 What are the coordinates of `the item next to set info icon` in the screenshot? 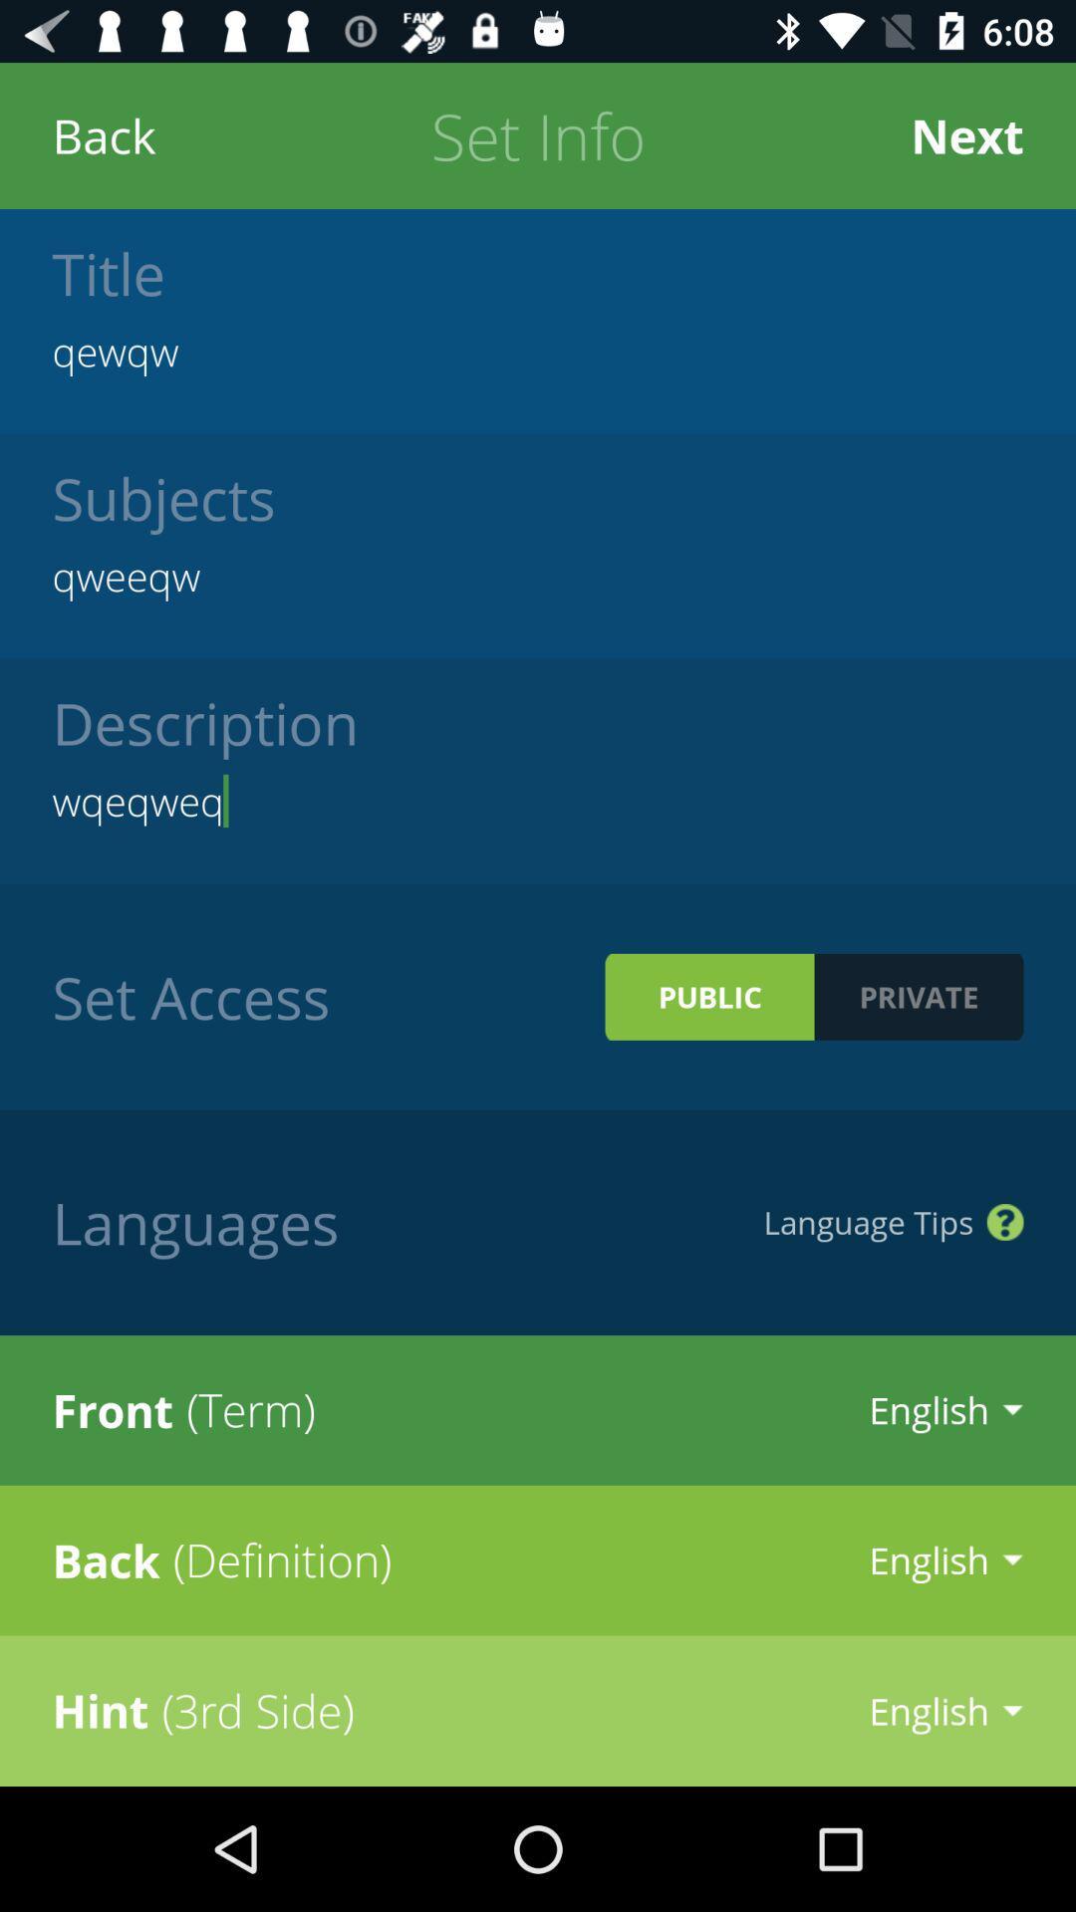 It's located at (965, 134).